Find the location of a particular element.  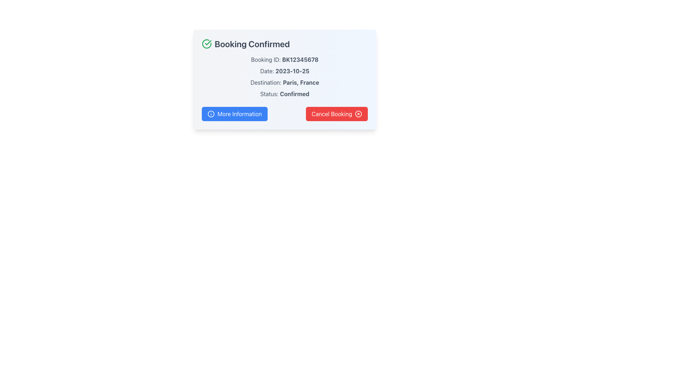

the circular red icon element located towards the right side of the layout, adjacent to the 'Cancel Booking' button is located at coordinates (359, 114).